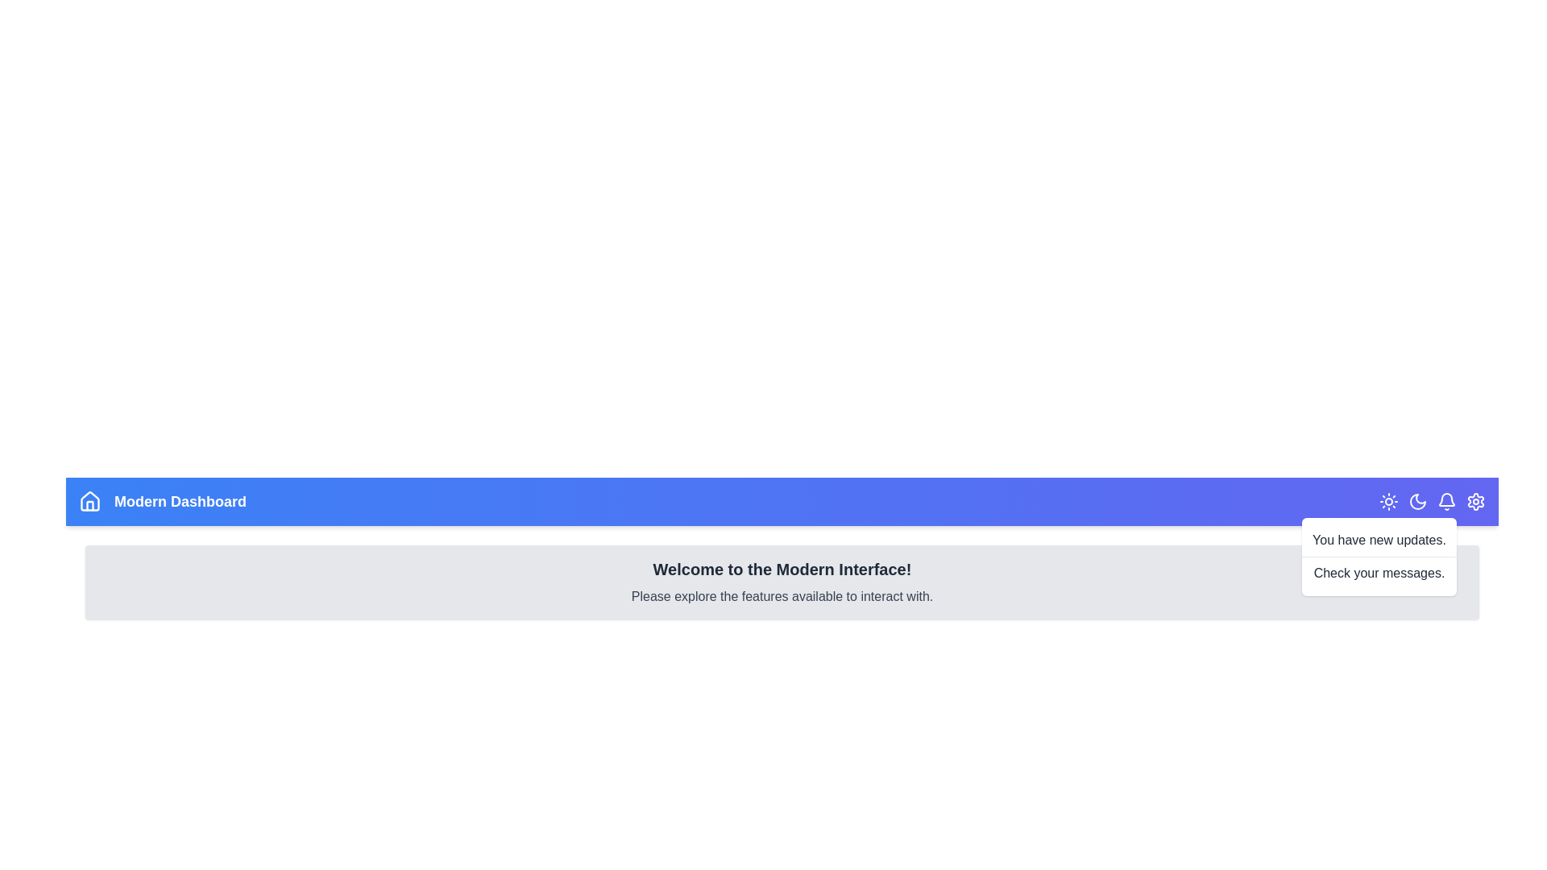 The width and height of the screenshot is (1547, 870). Describe the element at coordinates (89, 501) in the screenshot. I see `the home icon to navigate to the home page` at that location.